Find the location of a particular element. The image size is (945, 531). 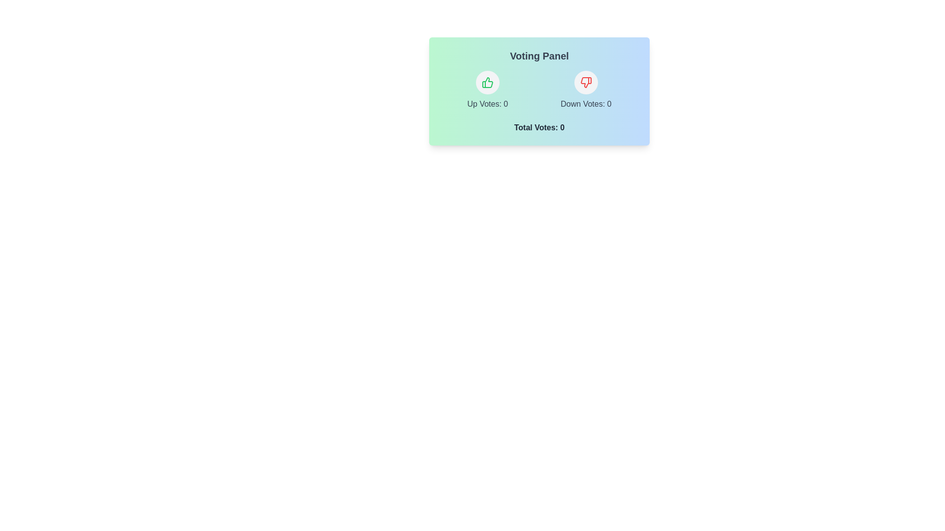

the green thumbs-up icon button located in the Voting Panel to register an upvote is located at coordinates (487, 82).